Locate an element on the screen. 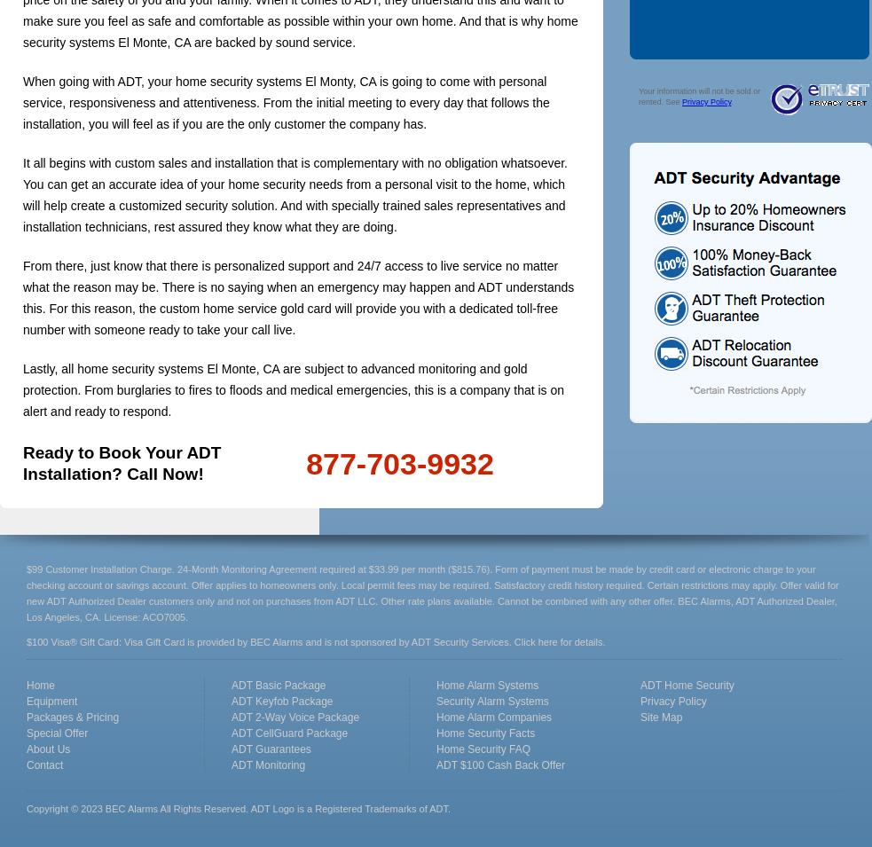 The image size is (872, 847). '$99 Customer Installation Charge. 24-Month Monitoring Agreement required at $33.99 per month ($815.76). Form of payment must be made by credit card or electronic charge to your checking account or savings account. Offer applies to homeowners only. Local permit fees may be required. Satisfactory credit history required. Certain restrictions may apply. Offer valid for new ADT Authorized Dealer customers only and not on purchases from ADT LLC. Other rate plans available. Cannot be combined with any other offer. BEC Alarms, ADT Authorized Dealer, Los Angeles, CA. License: ACO7005.' is located at coordinates (431, 592).